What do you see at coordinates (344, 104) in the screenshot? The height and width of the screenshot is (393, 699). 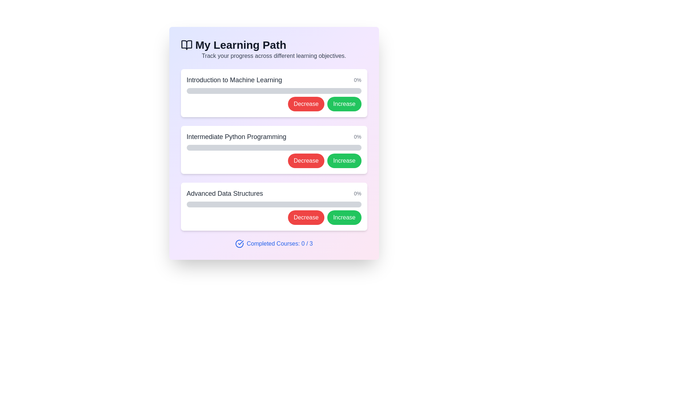 I see `the increment button located to the right of the 'Decrease' button, which is part of a horizontal group of two buttons, to increase the learning module's progress value` at bounding box center [344, 104].